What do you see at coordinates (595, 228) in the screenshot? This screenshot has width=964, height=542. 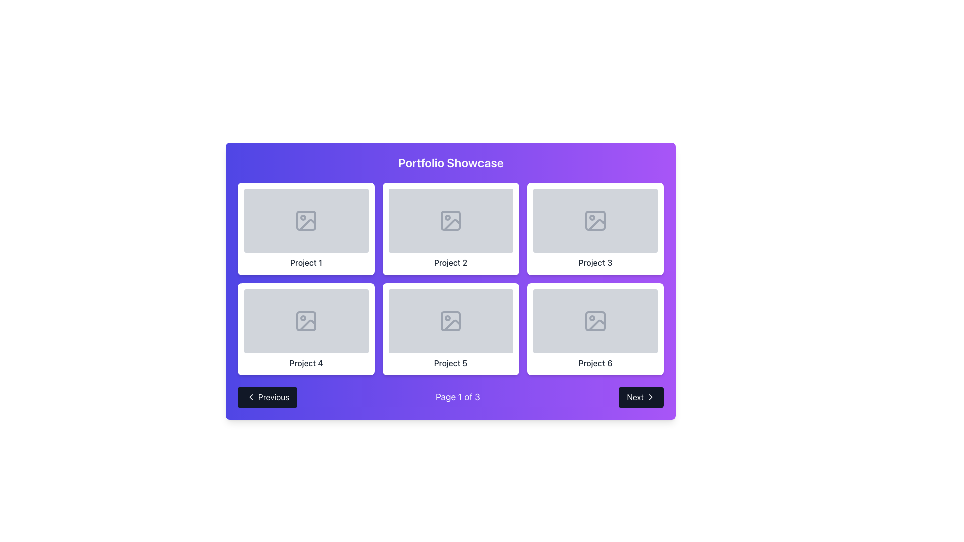 I see `the display card labeled 'Project 3'` at bounding box center [595, 228].